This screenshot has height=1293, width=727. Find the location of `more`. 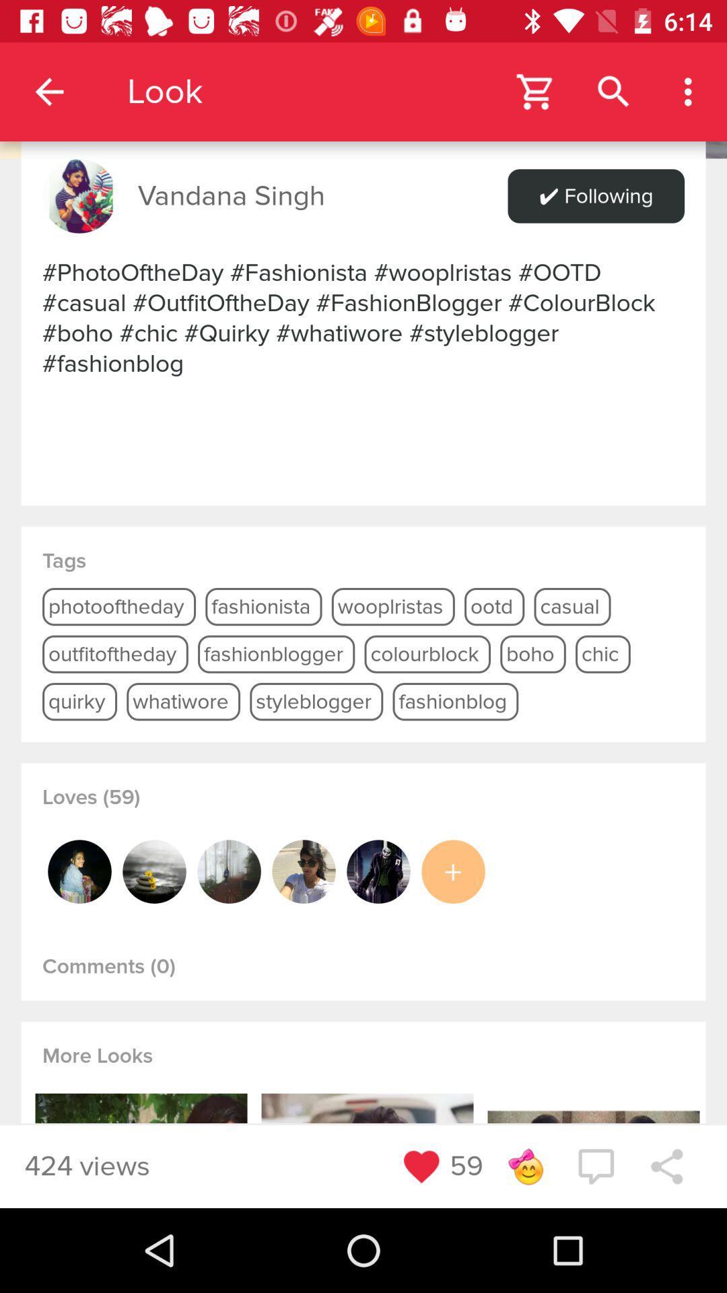

more is located at coordinates (453, 871).